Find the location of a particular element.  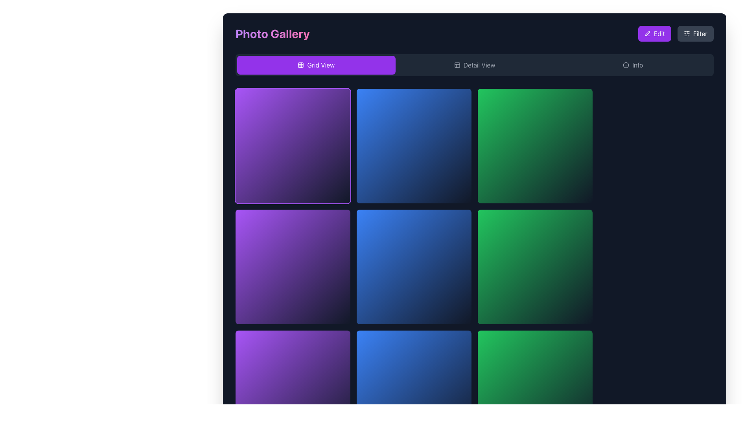

text from the 'Info' label, which is light gray on a dark background, located near the top right of the interface is located at coordinates (637, 64).